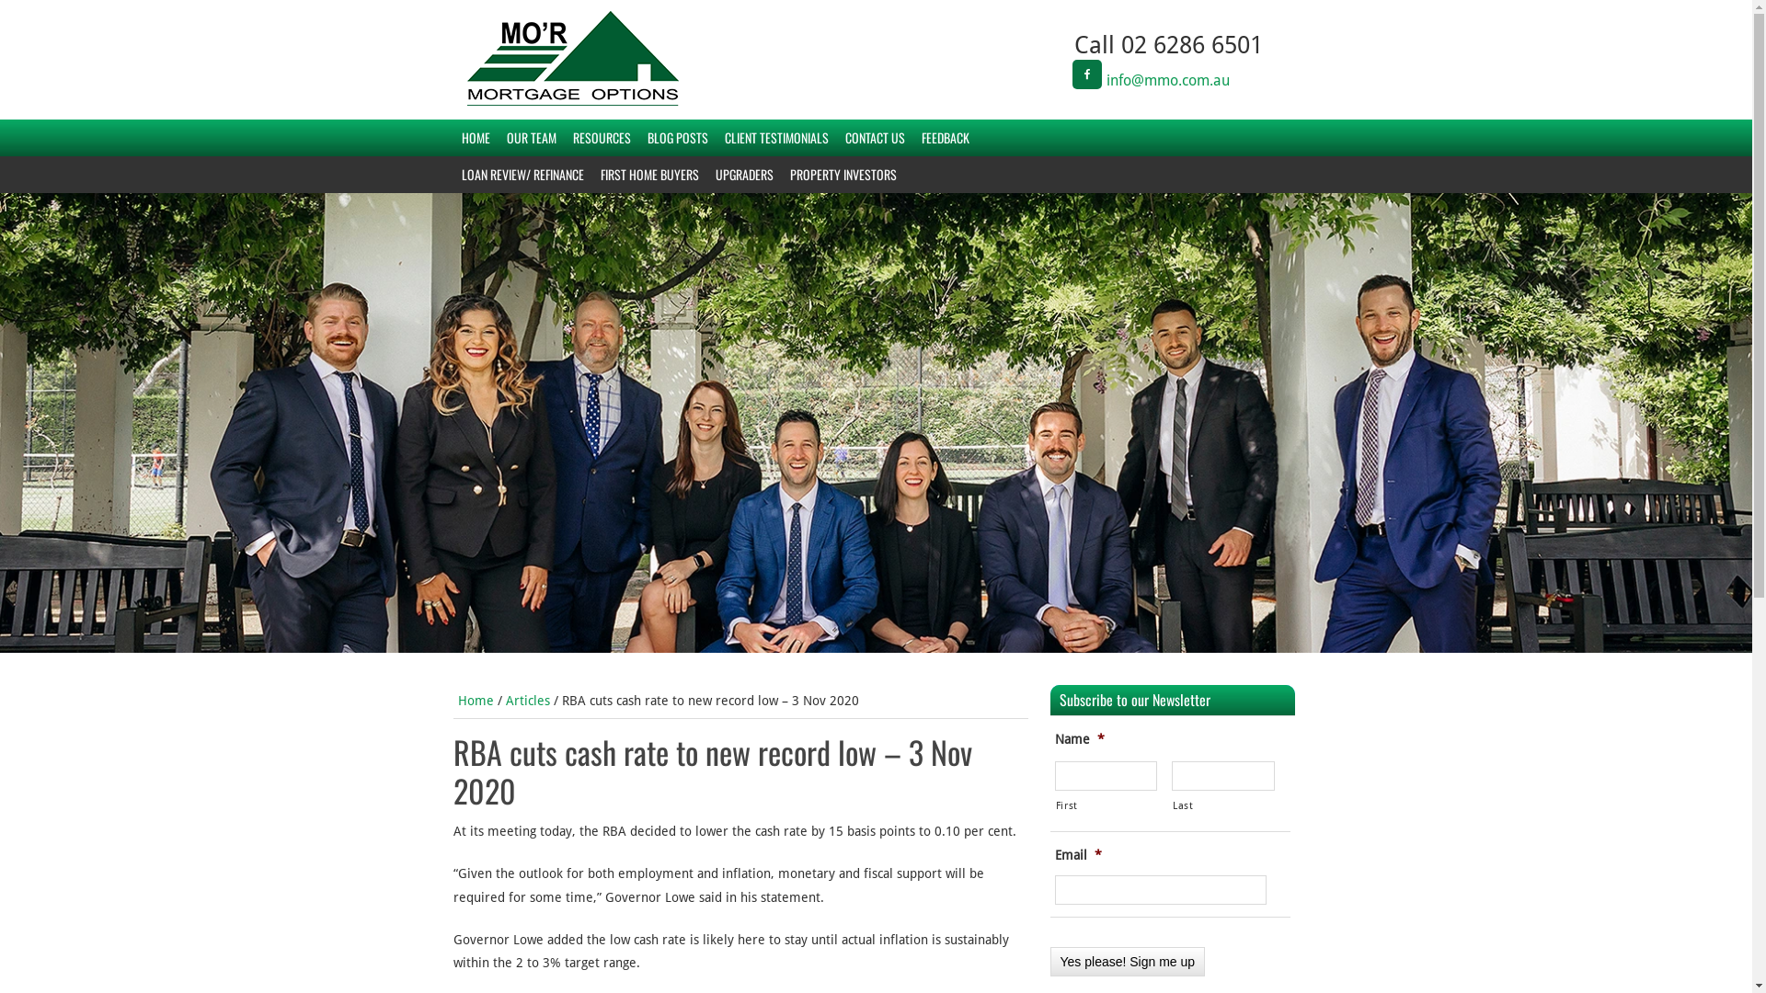  I want to click on 'CLIENT TESTIMONIALS', so click(716, 137).